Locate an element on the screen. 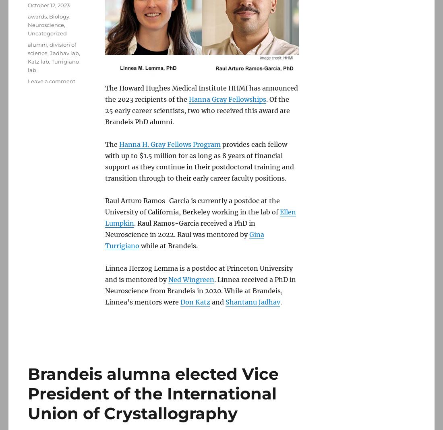 The height and width of the screenshot is (430, 443). 'Leave a comment' is located at coordinates (52, 81).